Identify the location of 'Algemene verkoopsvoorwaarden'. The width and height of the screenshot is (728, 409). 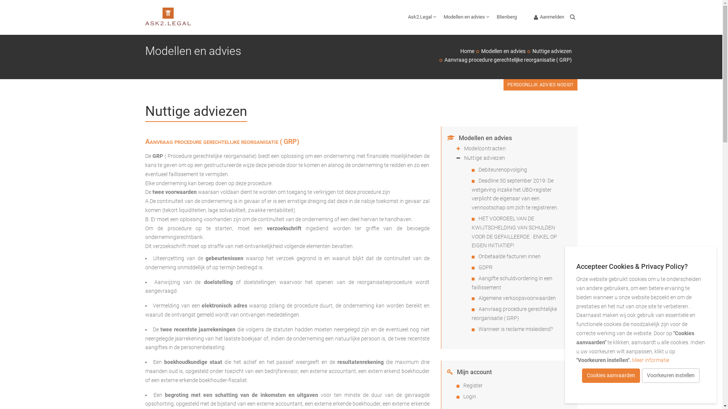
(478, 297).